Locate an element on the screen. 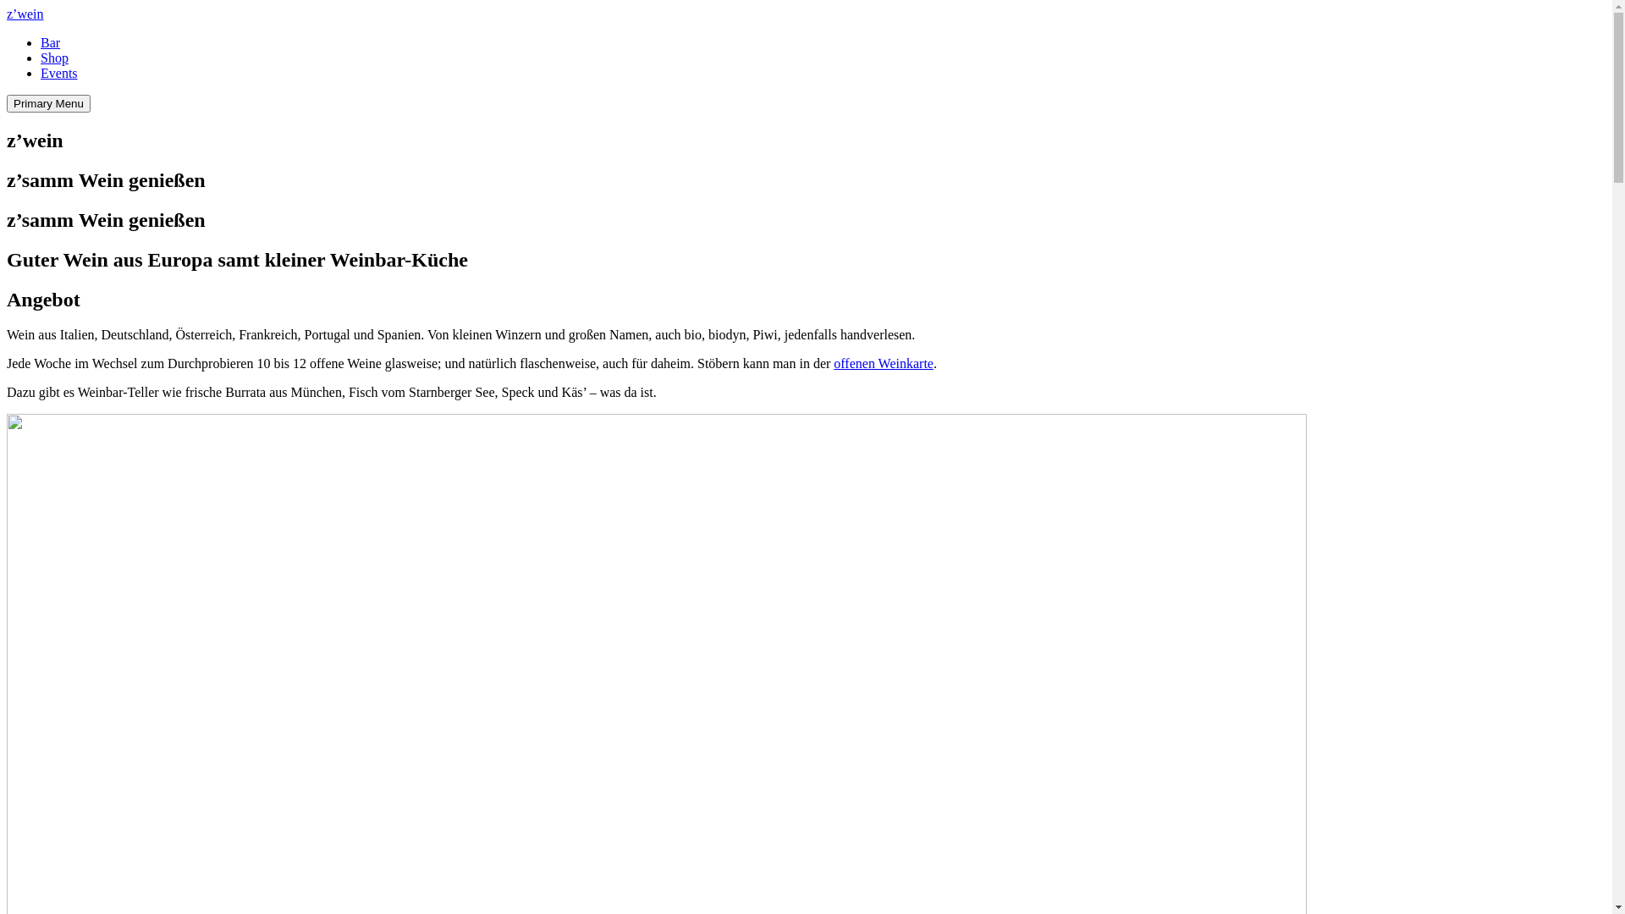 Image resolution: width=1625 pixels, height=914 pixels. 'Bar' is located at coordinates (41, 41).